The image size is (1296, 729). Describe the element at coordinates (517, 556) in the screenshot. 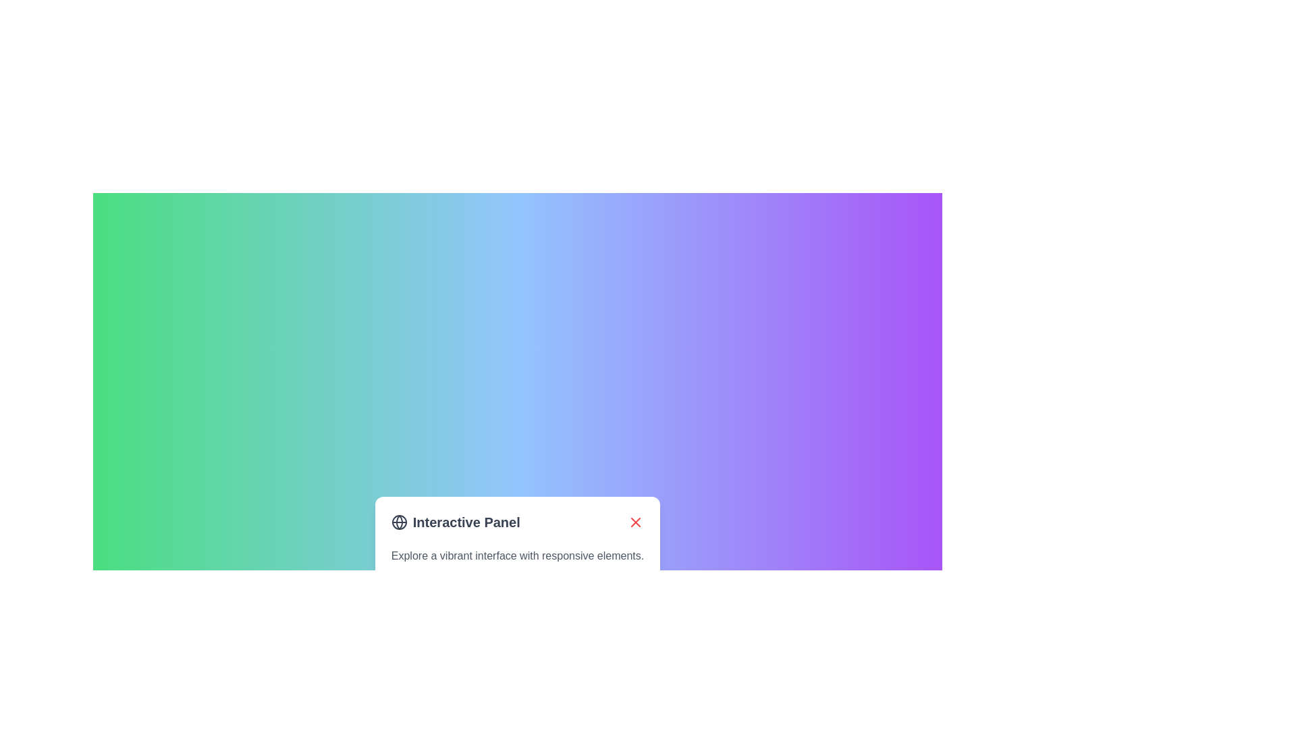

I see `the static text element that displays the phrase 'Explore a vibrant interface with responsive elements.' located beneath the heading 'Interactive Panel' and above the 'Get Started' button` at that location.